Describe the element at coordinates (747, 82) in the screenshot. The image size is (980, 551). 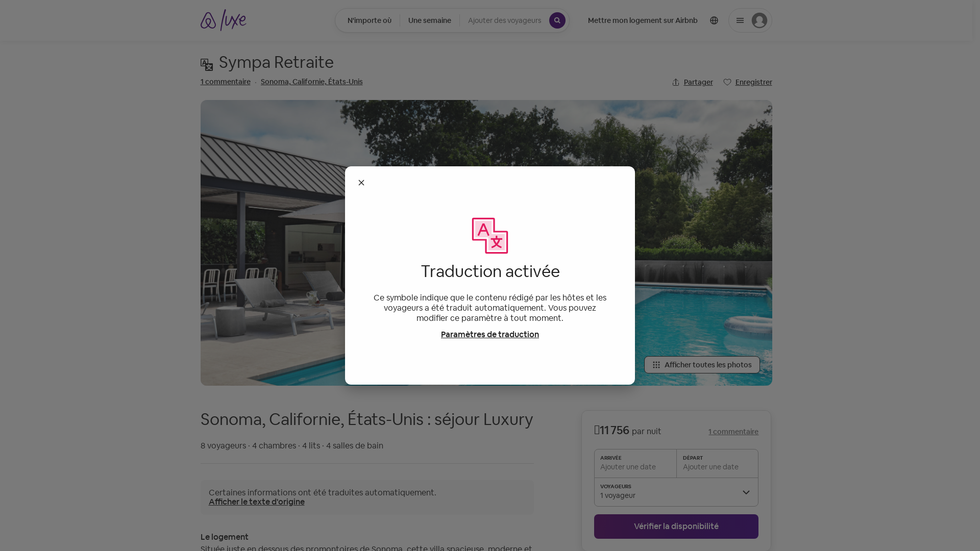
I see `'Enregistrer'` at that location.